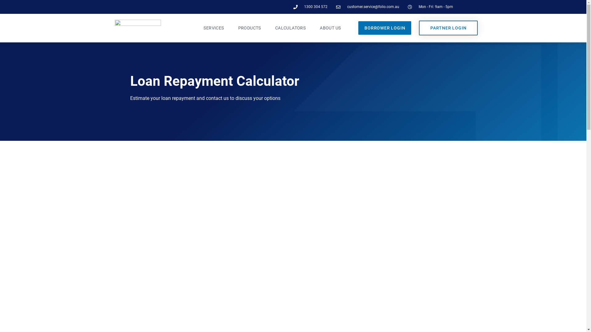 This screenshot has height=332, width=591. Describe the element at coordinates (269, 28) in the screenshot. I see `'CALCULATORS'` at that location.